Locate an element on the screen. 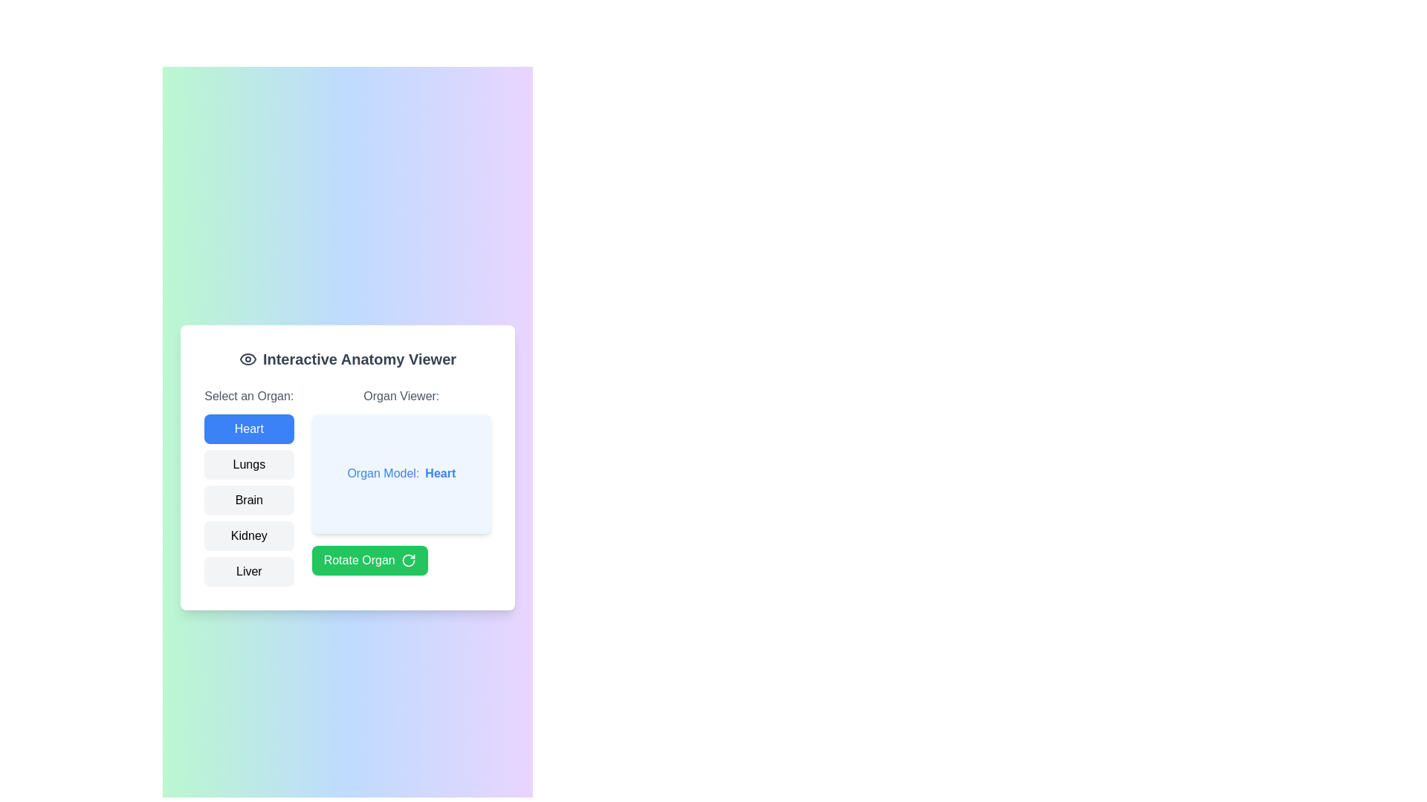 The width and height of the screenshot is (1427, 802). the visibility icon located to the left of the 'Interactive Anatomy Viewer' text in the header of the interface is located at coordinates (247, 359).